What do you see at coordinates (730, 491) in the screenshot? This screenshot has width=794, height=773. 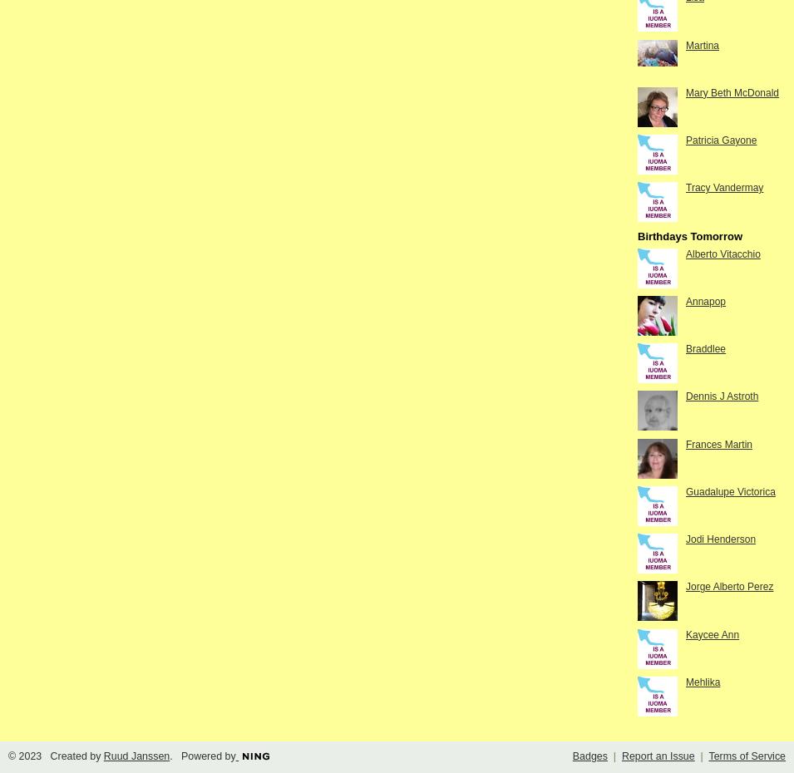 I see `'Guadalupe Victorica'` at bounding box center [730, 491].